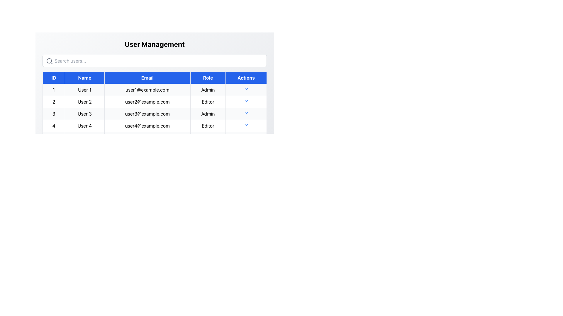 The height and width of the screenshot is (316, 563). I want to click on the small chevron-down icon in the 'Actions' column of the second data row, adjacent to the 'Editor' role entry, so click(246, 100).